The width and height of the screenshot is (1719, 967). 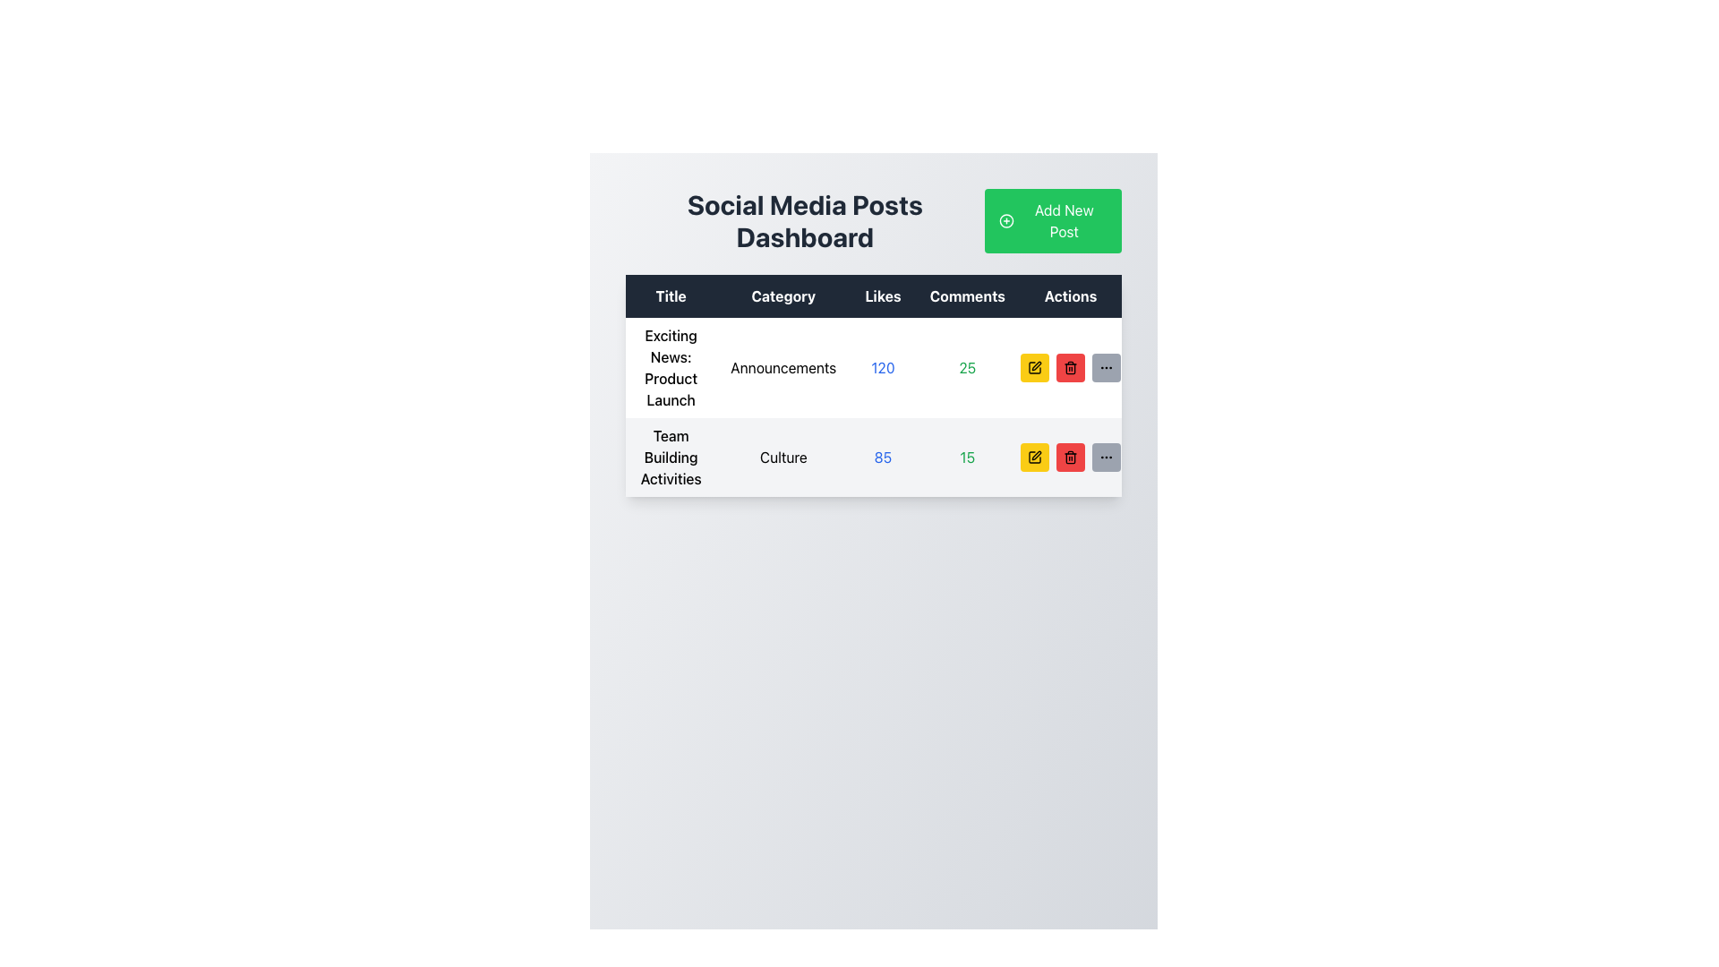 I want to click on the red square button with a trashcan icon, located in the middle of the 'Actions' column in the second row of the table, so click(x=1070, y=456).